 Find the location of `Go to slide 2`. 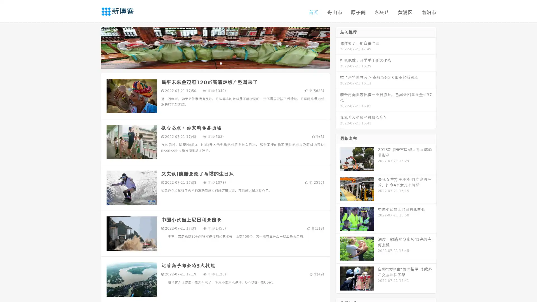

Go to slide 2 is located at coordinates (215, 63).